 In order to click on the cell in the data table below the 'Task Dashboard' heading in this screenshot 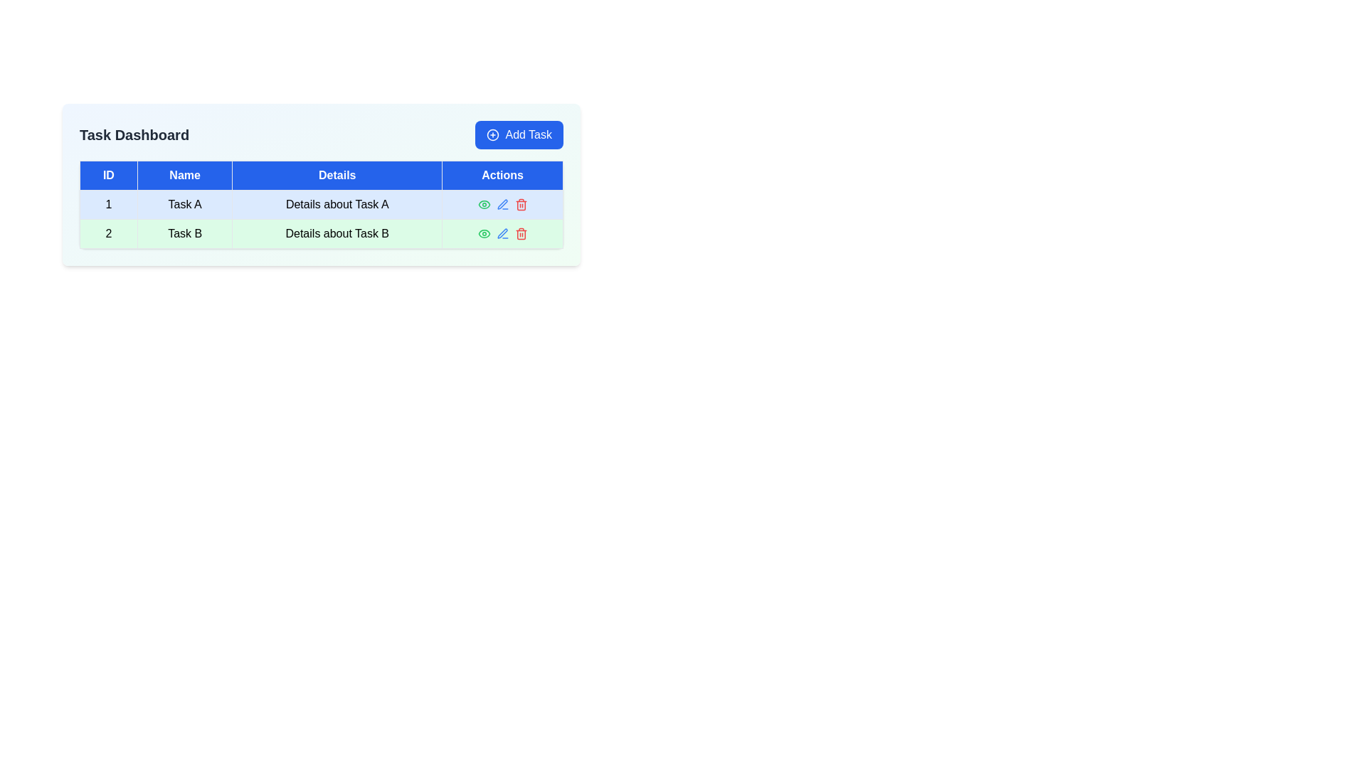, I will do `click(320, 205)`.